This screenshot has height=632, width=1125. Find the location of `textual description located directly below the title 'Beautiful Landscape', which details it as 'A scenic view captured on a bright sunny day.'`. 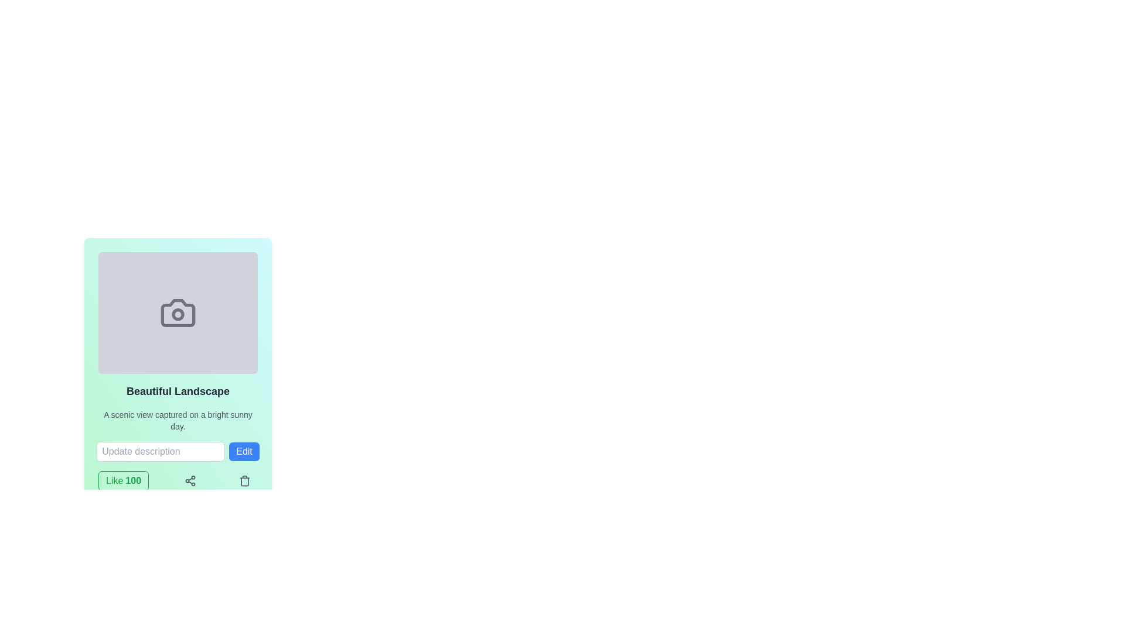

textual description located directly below the title 'Beautiful Landscape', which details it as 'A scenic view captured on a bright sunny day.' is located at coordinates (177, 420).